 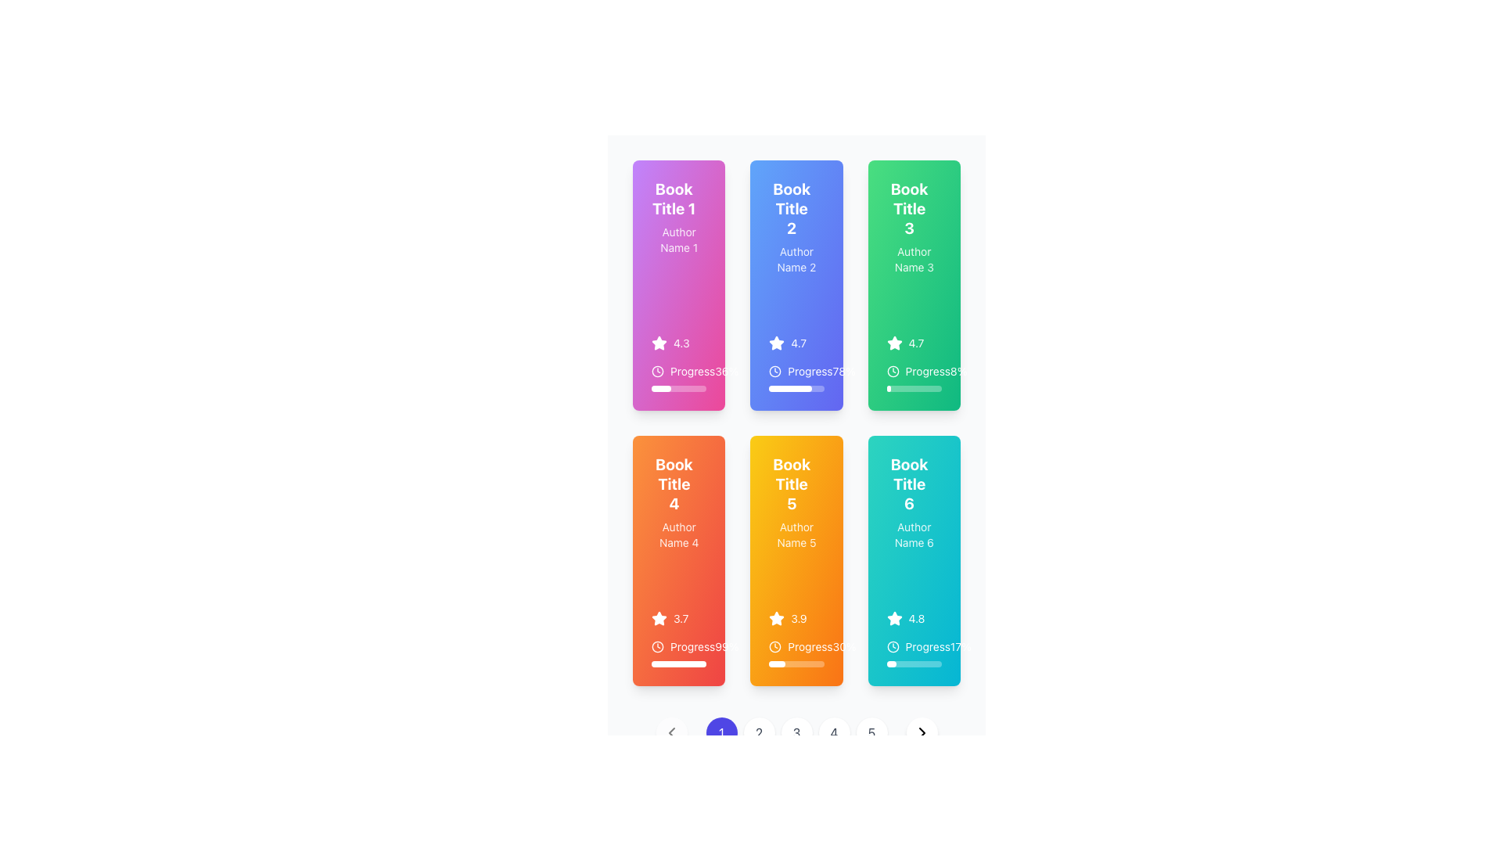 I want to click on text 'Book Title 3' located at the top center of a green card in the second row and third column of the grid, so click(x=909, y=207).